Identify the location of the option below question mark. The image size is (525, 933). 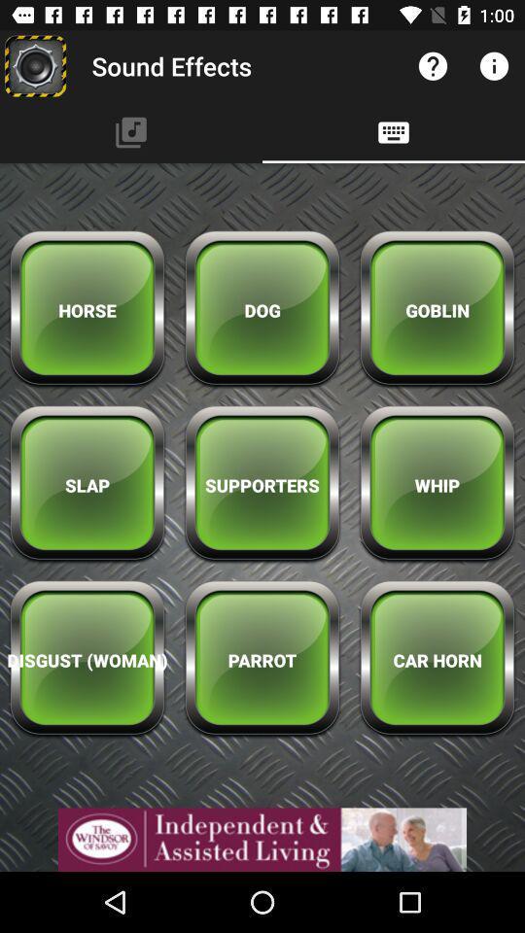
(394, 131).